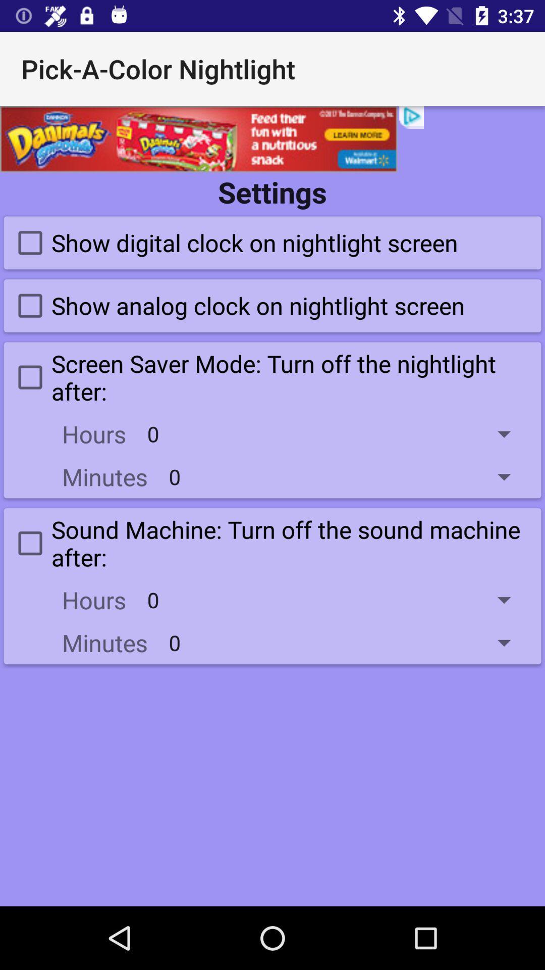 The image size is (545, 970). I want to click on the 0 field above the sound machine, so click(346, 476).